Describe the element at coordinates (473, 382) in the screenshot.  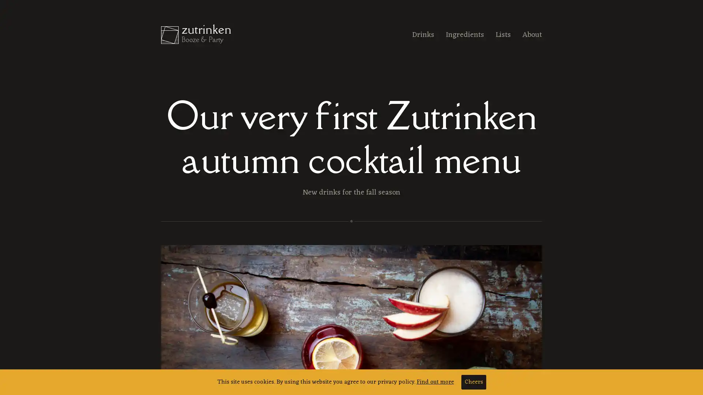
I see `Cheers` at that location.